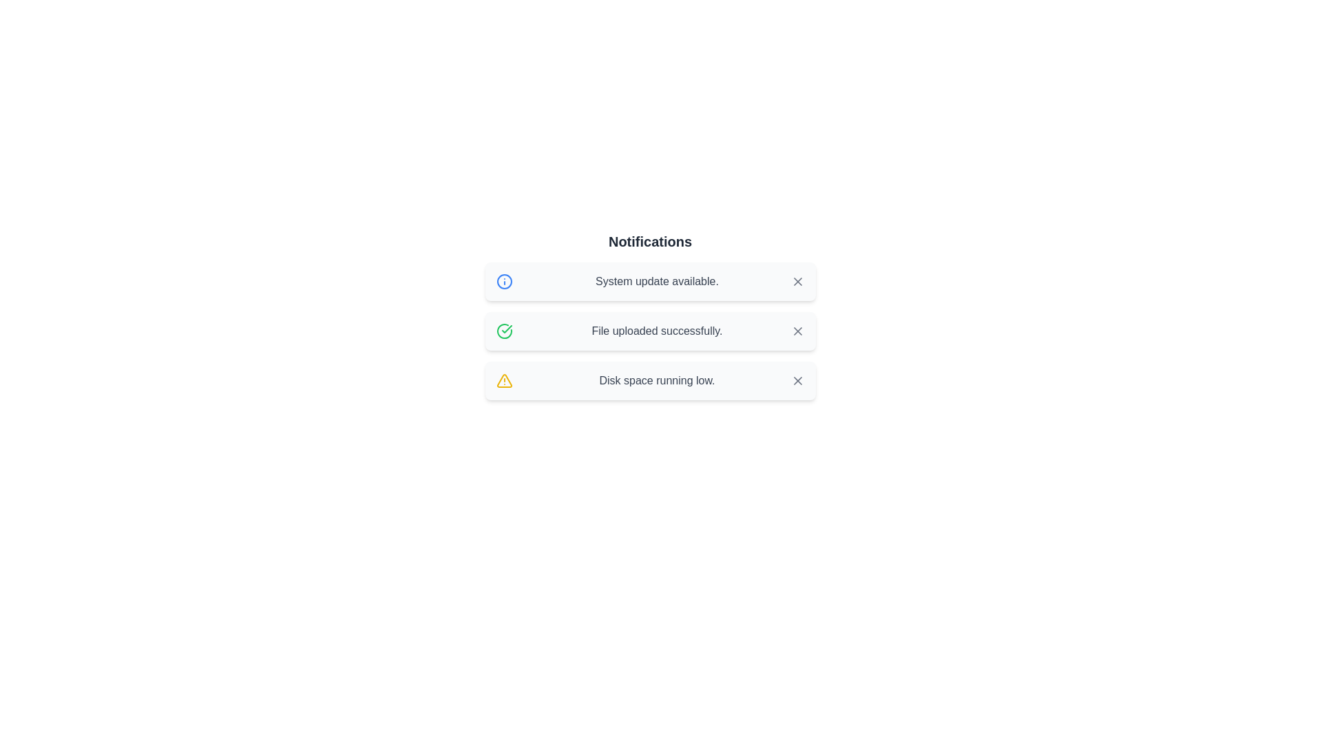 The width and height of the screenshot is (1322, 744). I want to click on the dismiss icon button (a small 'X' icon) located at the rightmost part of the notification, so click(797, 280).